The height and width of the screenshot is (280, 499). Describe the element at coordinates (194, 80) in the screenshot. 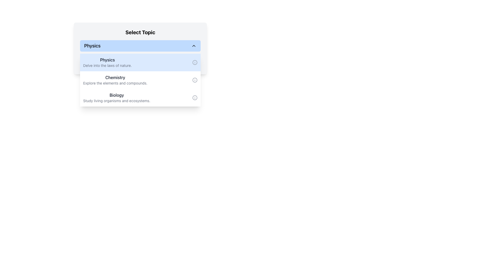

I see `the circular SVG graphical element associated with the 'Chemistry' entry in the dropdown menu interface` at that location.